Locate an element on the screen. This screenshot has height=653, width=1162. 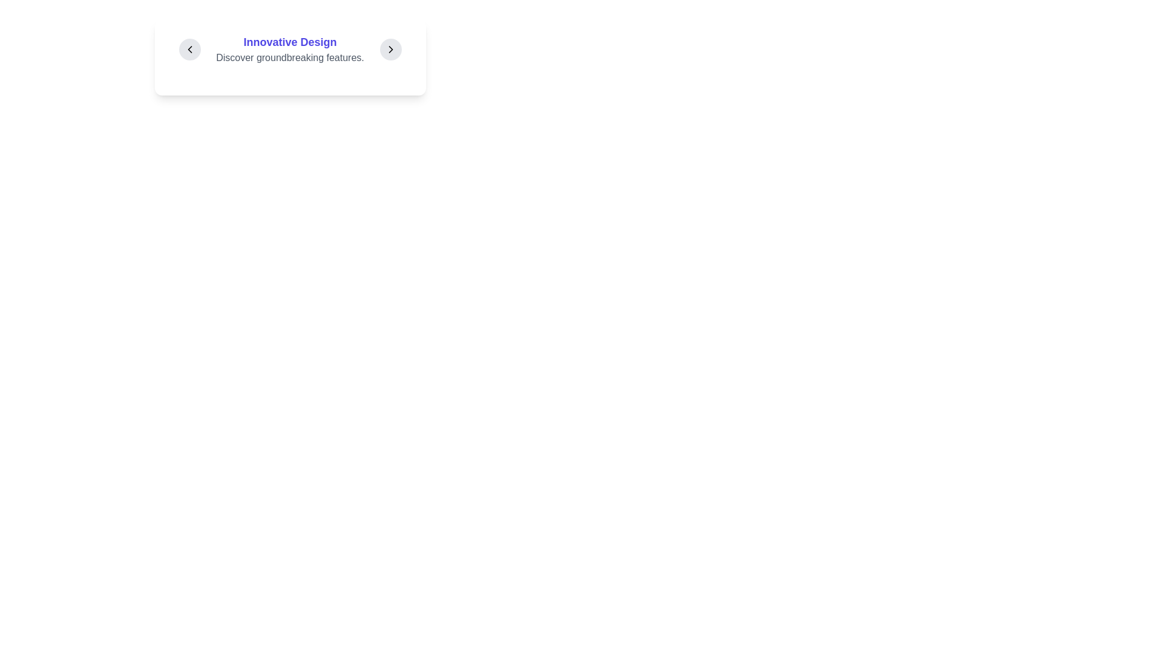
the SVG chevron right icon located at the far right of the rectangular card layout for keyboard navigation is located at coordinates (390, 48).